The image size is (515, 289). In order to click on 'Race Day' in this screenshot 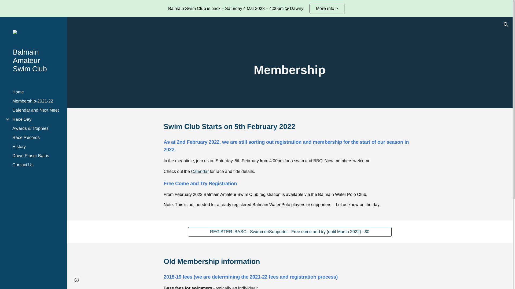, I will do `click(36, 119)`.